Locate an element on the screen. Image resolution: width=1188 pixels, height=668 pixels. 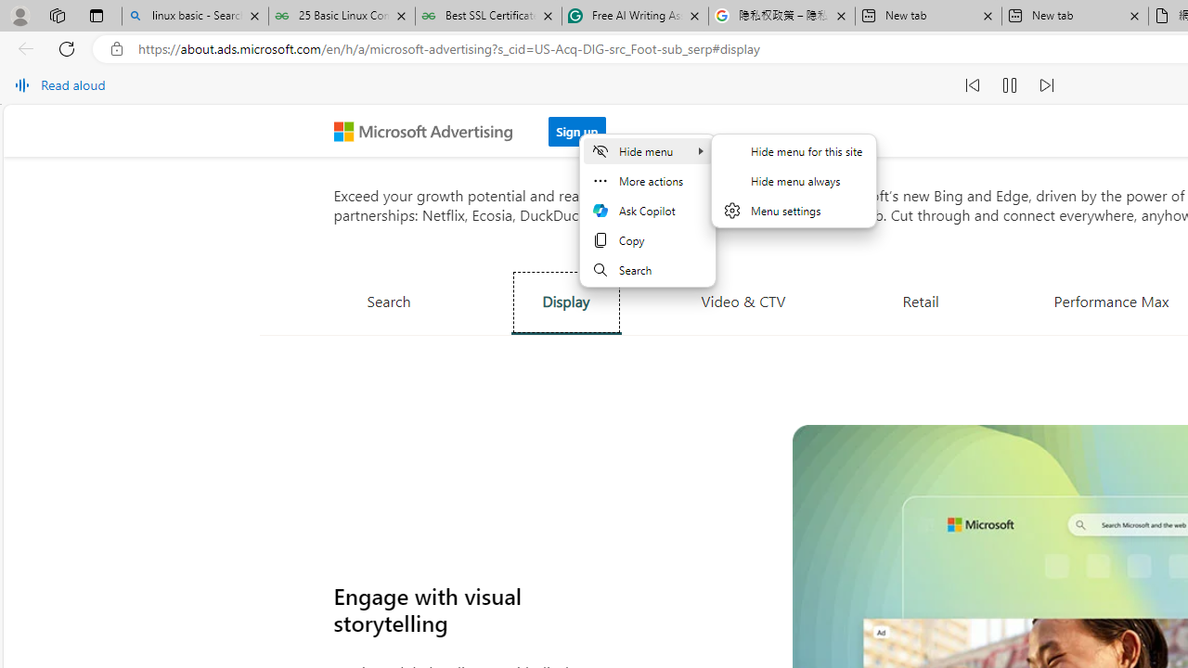
'Pause read aloud (Ctrl+Shift+U)' is located at coordinates (1009, 85).